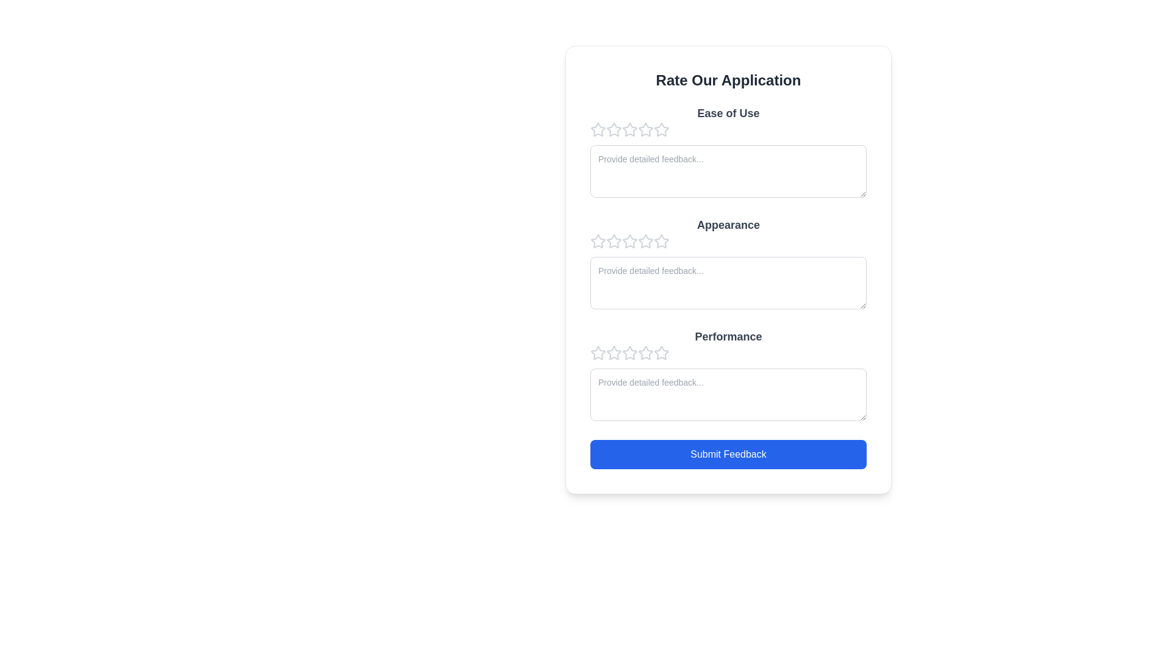  What do you see at coordinates (728, 454) in the screenshot?
I see `the feedback submission button located at the bottom of the form to observe the styling change` at bounding box center [728, 454].